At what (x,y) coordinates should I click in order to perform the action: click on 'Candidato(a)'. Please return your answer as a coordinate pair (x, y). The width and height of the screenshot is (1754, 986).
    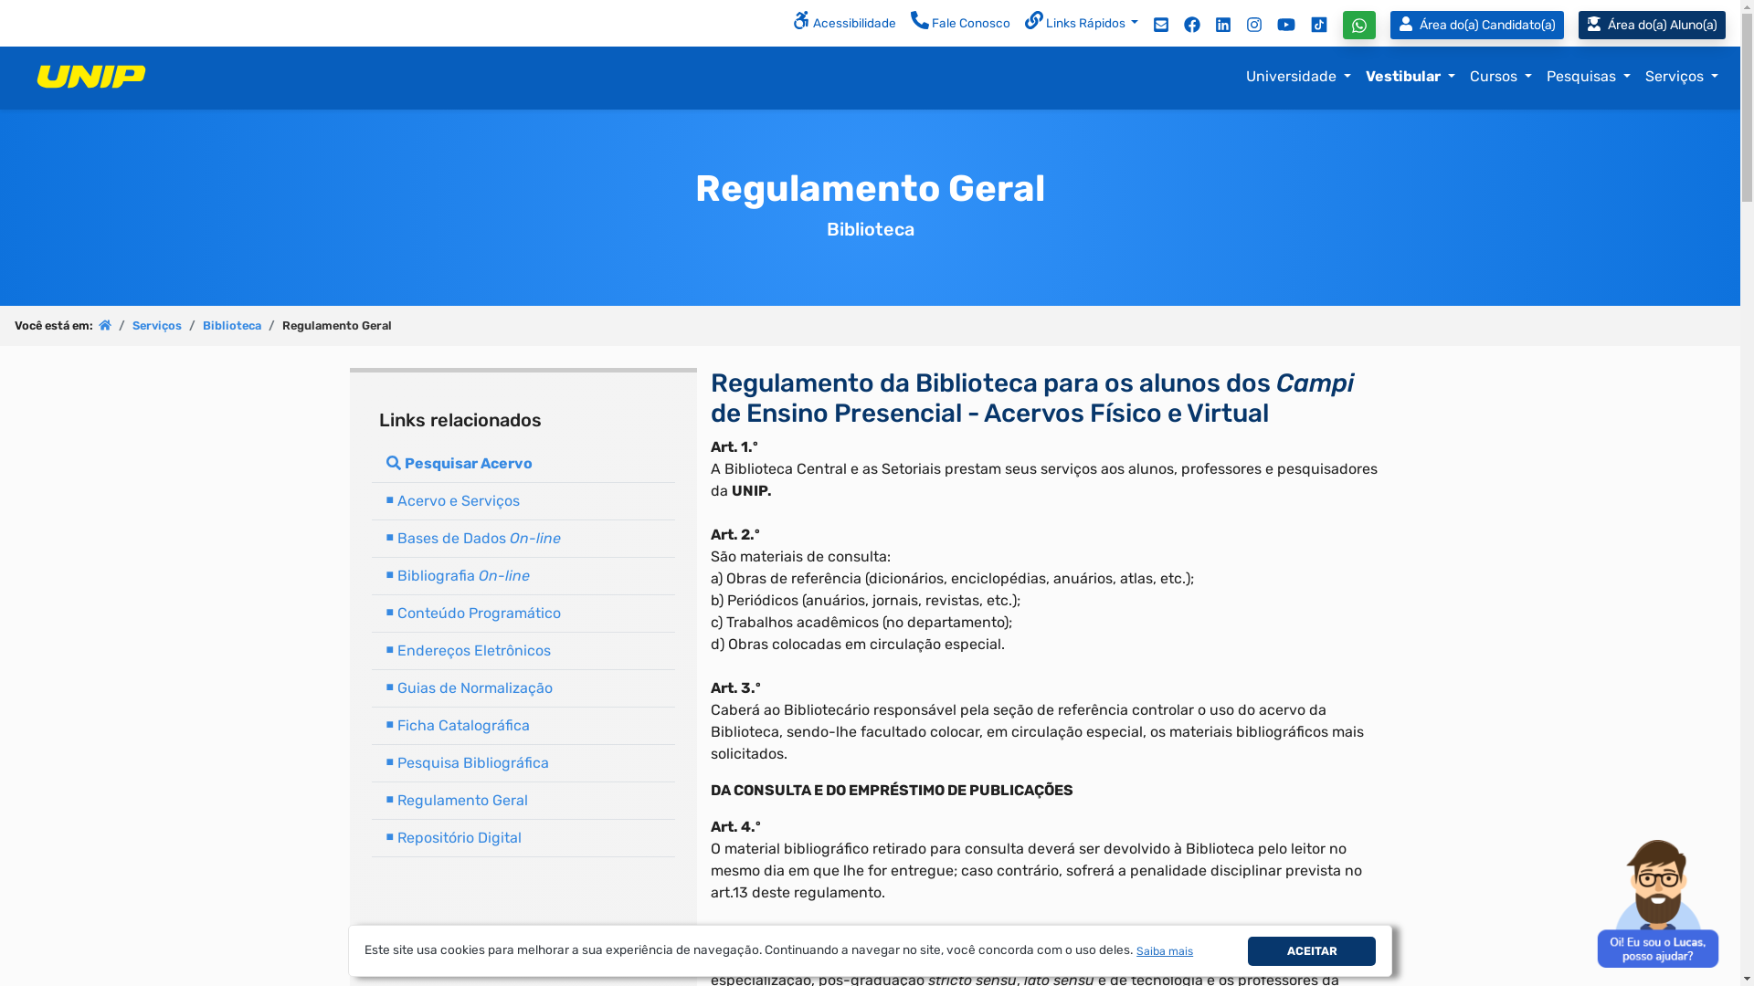
    Looking at the image, I should click on (1481, 25).